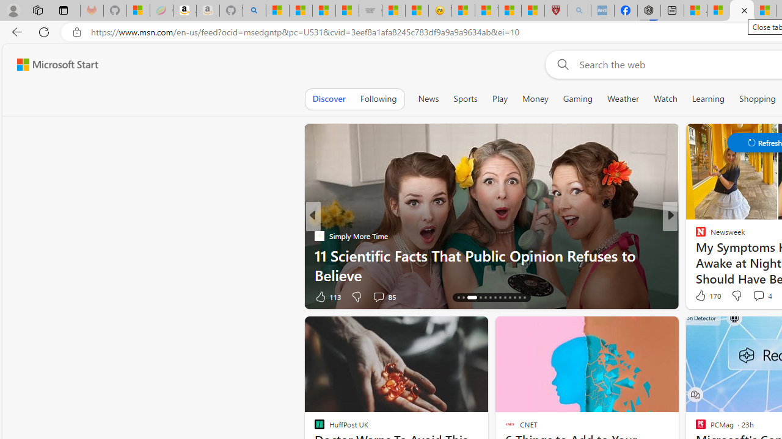 This screenshot has width=782, height=439. Describe the element at coordinates (754, 296) in the screenshot. I see `'View comments 5 Comment'` at that location.